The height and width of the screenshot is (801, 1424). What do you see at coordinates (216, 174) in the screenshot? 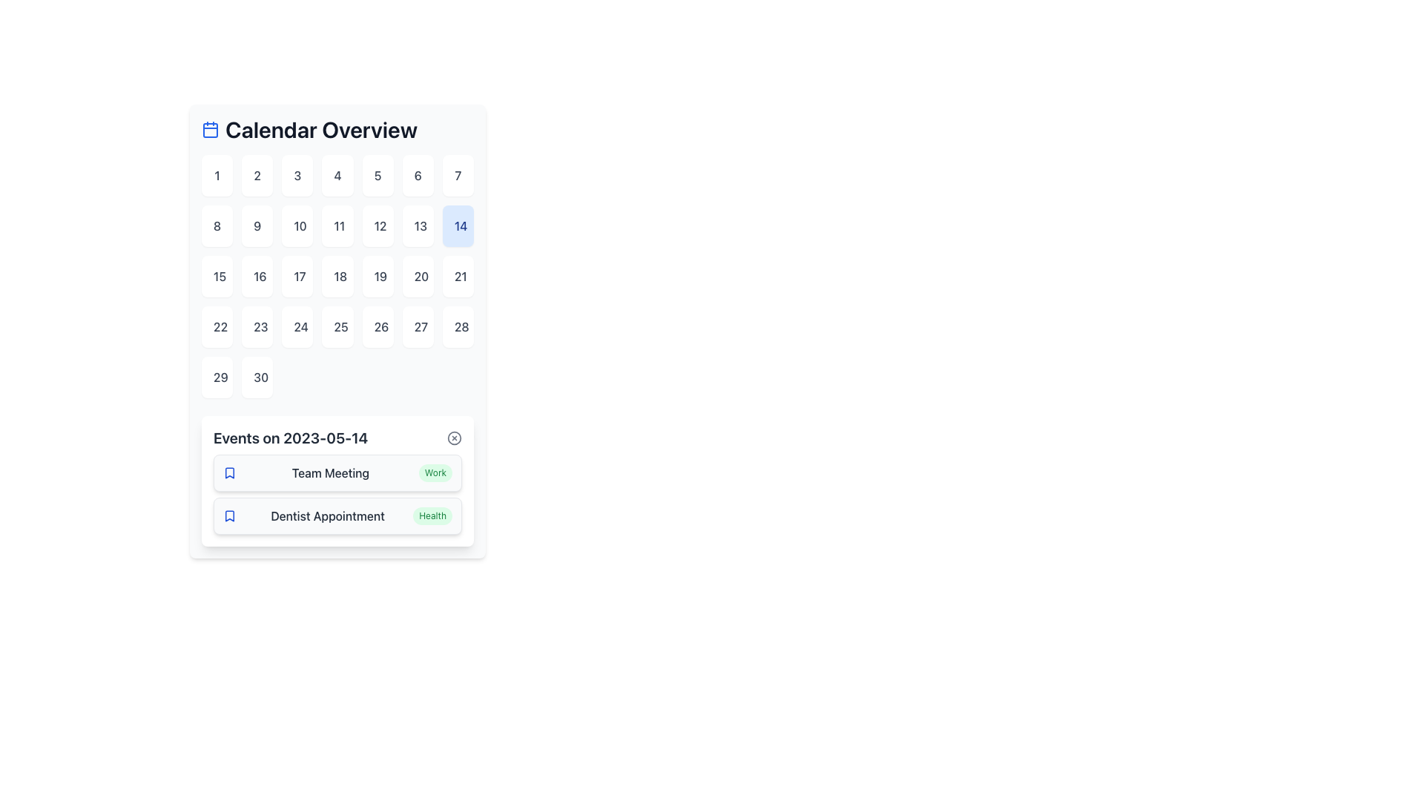
I see `the square button with a white background and the number '1' in gray font` at bounding box center [216, 174].